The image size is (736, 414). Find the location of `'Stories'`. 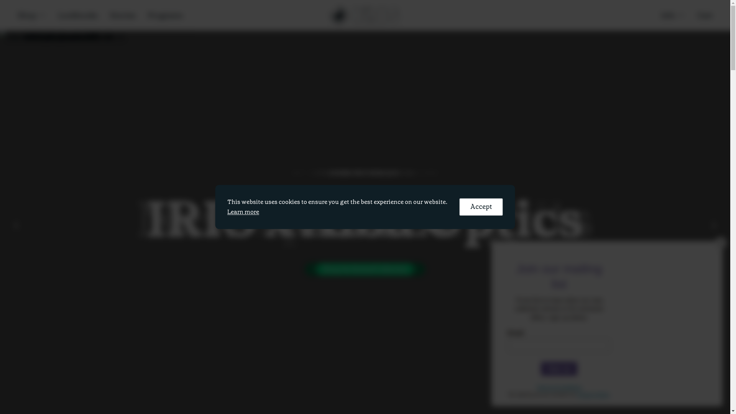

'Stories' is located at coordinates (123, 15).